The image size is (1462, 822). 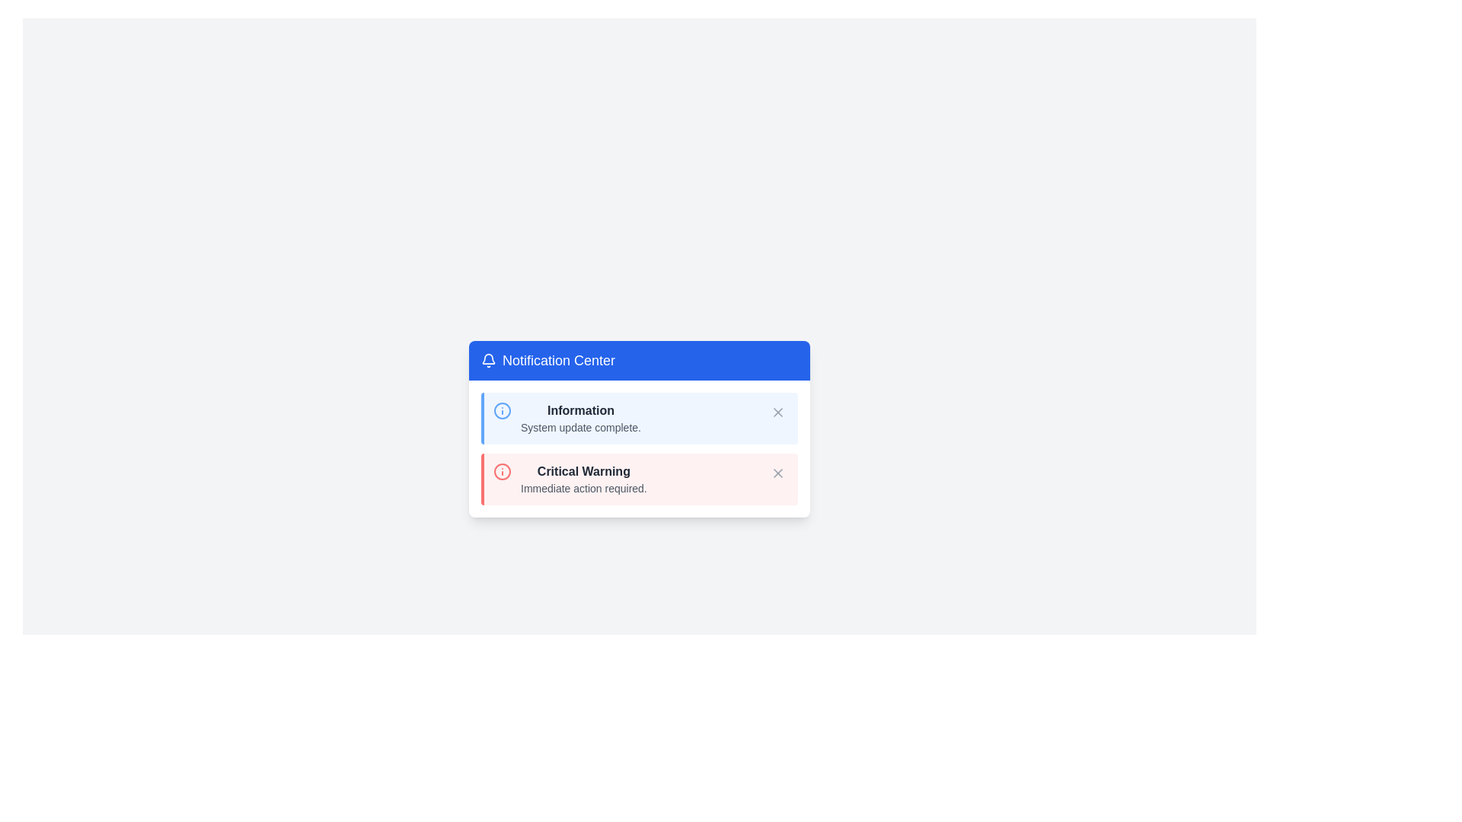 I want to click on the button located in the top-right corner of the 'Information: System update complete.' notification, so click(x=778, y=413).